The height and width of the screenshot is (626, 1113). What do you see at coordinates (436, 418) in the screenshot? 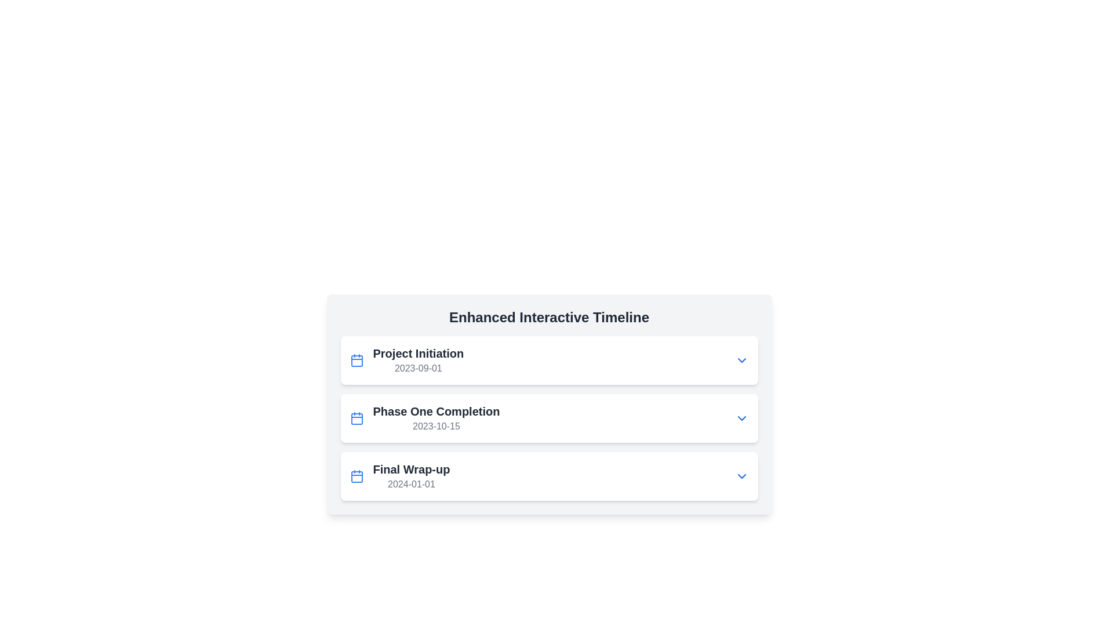
I see `the Text Label with Subtext that displays a phase title and its associated date in the second item of the vertical timeline list, located between 'Project Initiation' and 'Final Wrap-up'` at bounding box center [436, 418].